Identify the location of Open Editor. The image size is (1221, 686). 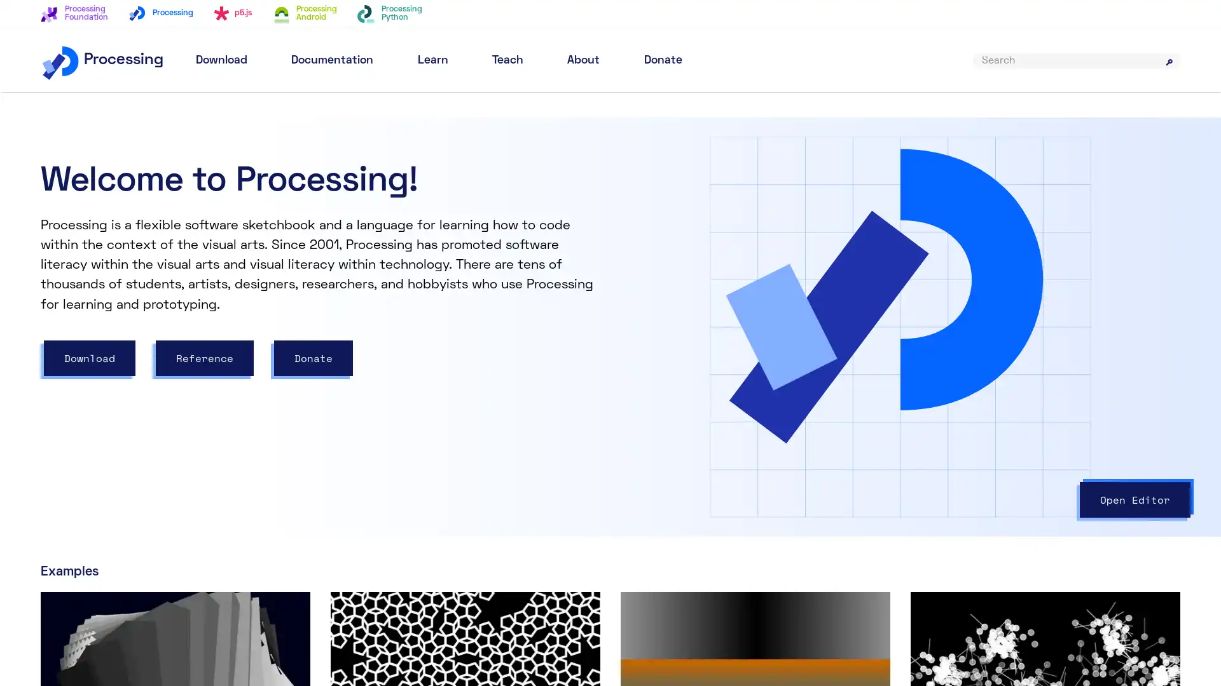
(1135, 499).